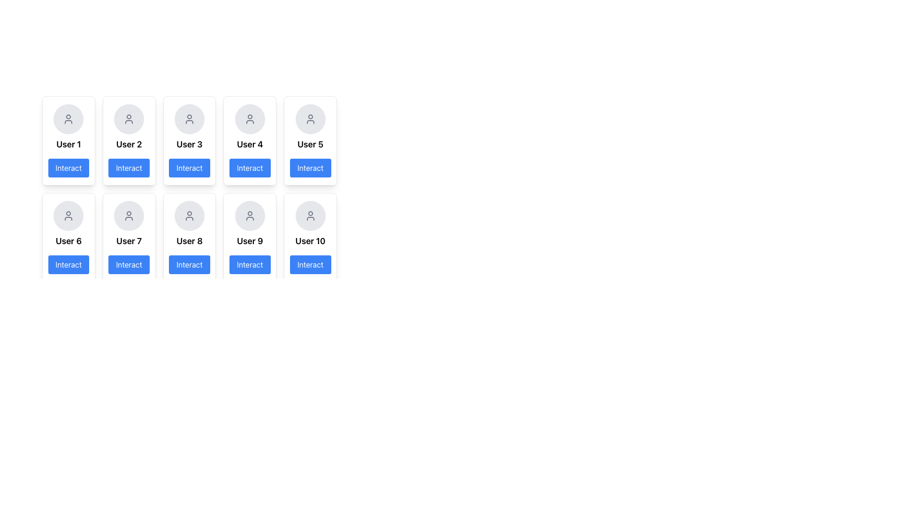 The image size is (901, 507). I want to click on the circular user profile icon with a gray color scheme located at the top of the 'User 9' card in the second row, fifth column of the grid layout, so click(250, 215).